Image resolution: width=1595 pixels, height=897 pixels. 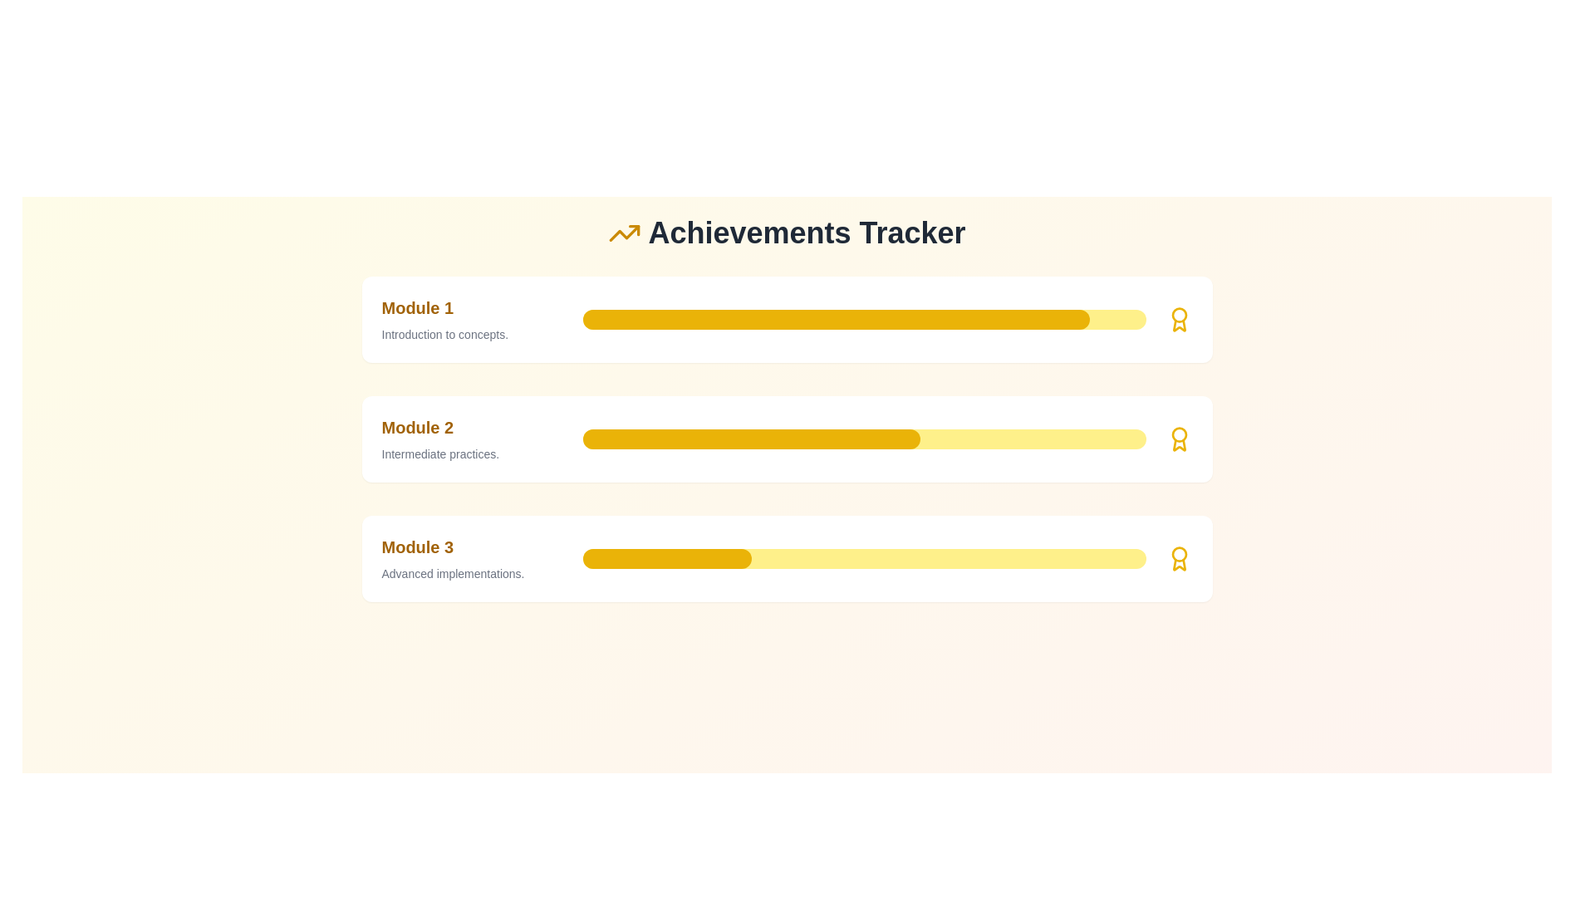 What do you see at coordinates (667, 558) in the screenshot?
I see `the filled section of the progress bar representing the completion progress of Module 3` at bounding box center [667, 558].